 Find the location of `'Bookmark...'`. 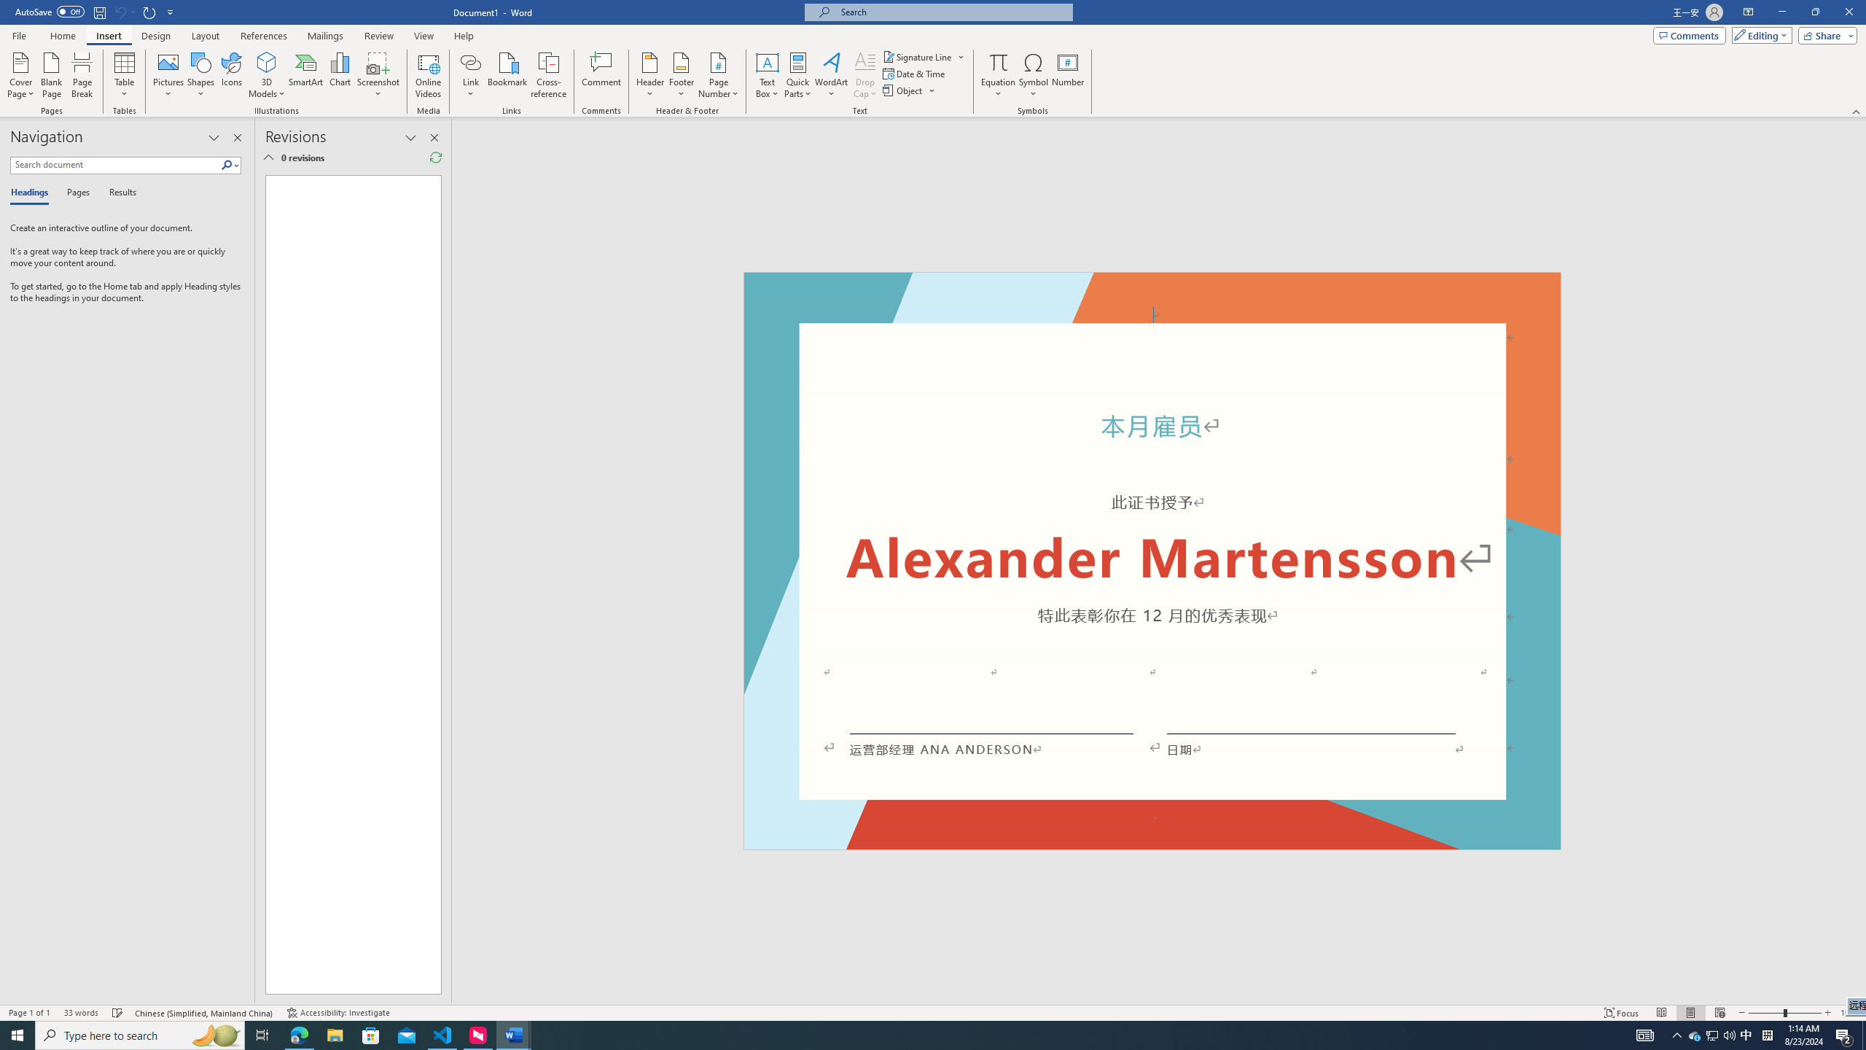

'Bookmark...' is located at coordinates (508, 75).